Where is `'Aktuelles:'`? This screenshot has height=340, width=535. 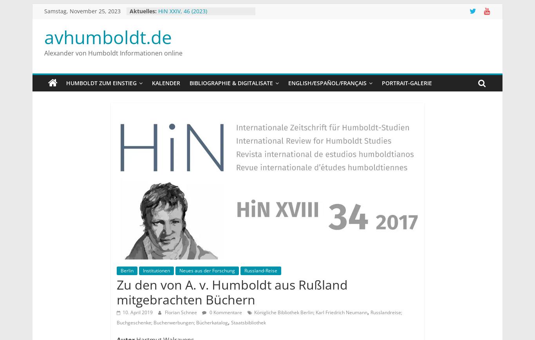
'Aktuelles:' is located at coordinates (143, 11).